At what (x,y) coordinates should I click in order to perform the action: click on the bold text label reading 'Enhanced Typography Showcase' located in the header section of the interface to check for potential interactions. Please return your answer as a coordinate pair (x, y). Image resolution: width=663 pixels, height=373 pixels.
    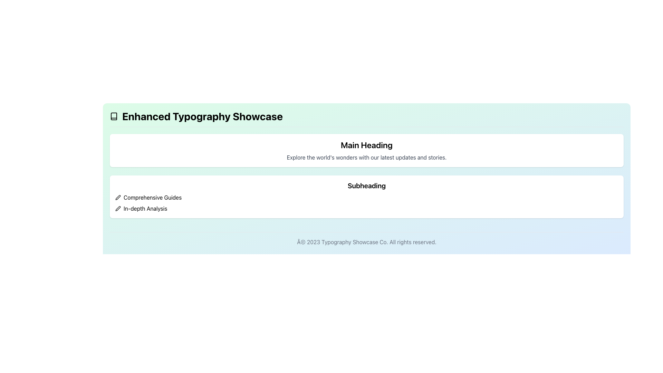
    Looking at the image, I should click on (202, 116).